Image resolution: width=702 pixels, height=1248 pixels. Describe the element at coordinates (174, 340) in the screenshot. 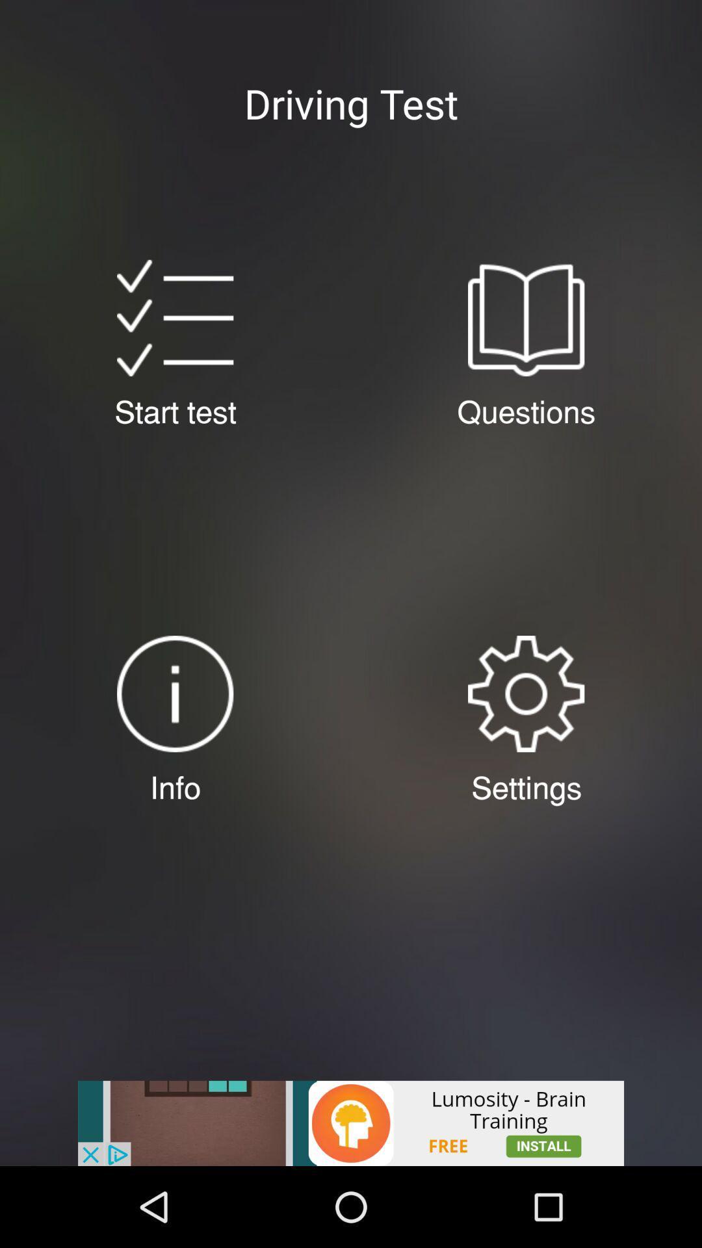

I see `the list icon` at that location.